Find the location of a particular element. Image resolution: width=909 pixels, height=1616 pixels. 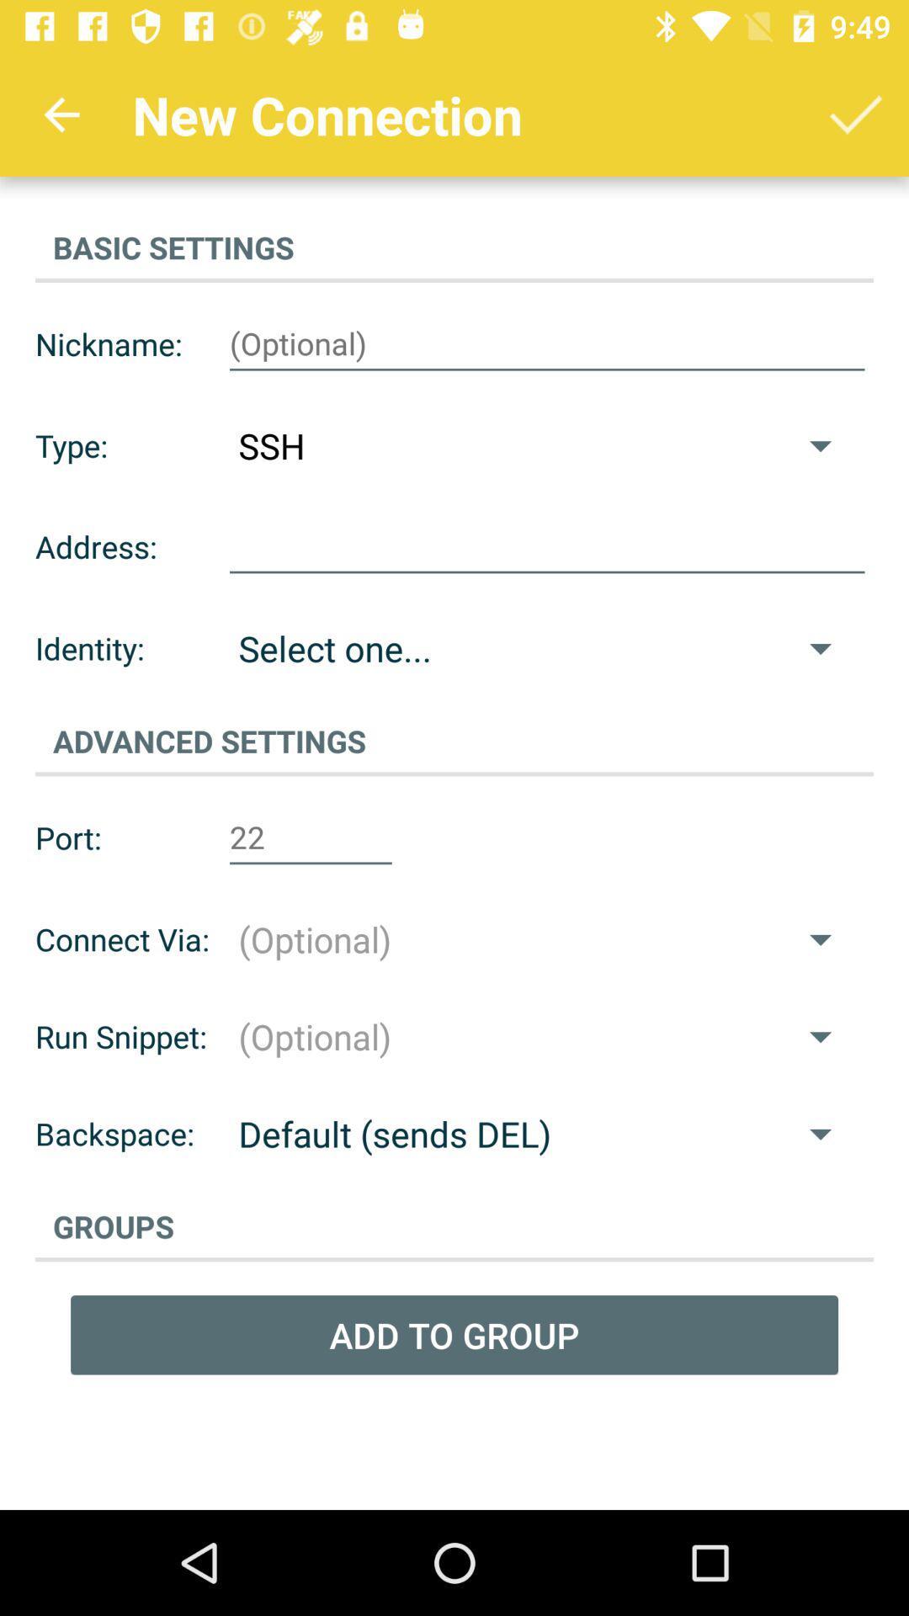

address entry field is located at coordinates (547, 546).